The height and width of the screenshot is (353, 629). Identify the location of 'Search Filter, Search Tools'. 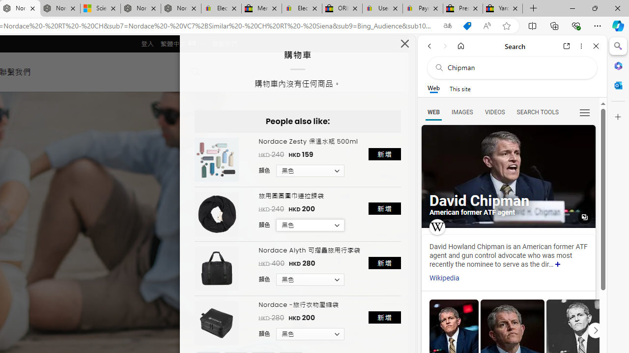
(537, 111).